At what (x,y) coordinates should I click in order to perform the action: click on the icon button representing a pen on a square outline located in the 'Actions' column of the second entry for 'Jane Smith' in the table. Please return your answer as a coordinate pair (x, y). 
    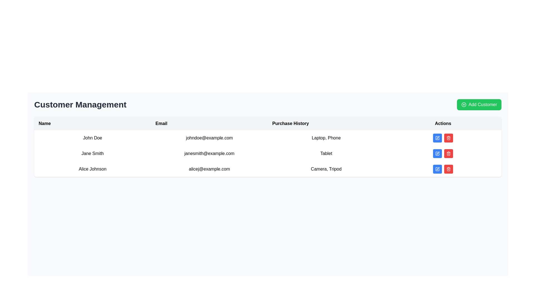
    Looking at the image, I should click on (437, 153).